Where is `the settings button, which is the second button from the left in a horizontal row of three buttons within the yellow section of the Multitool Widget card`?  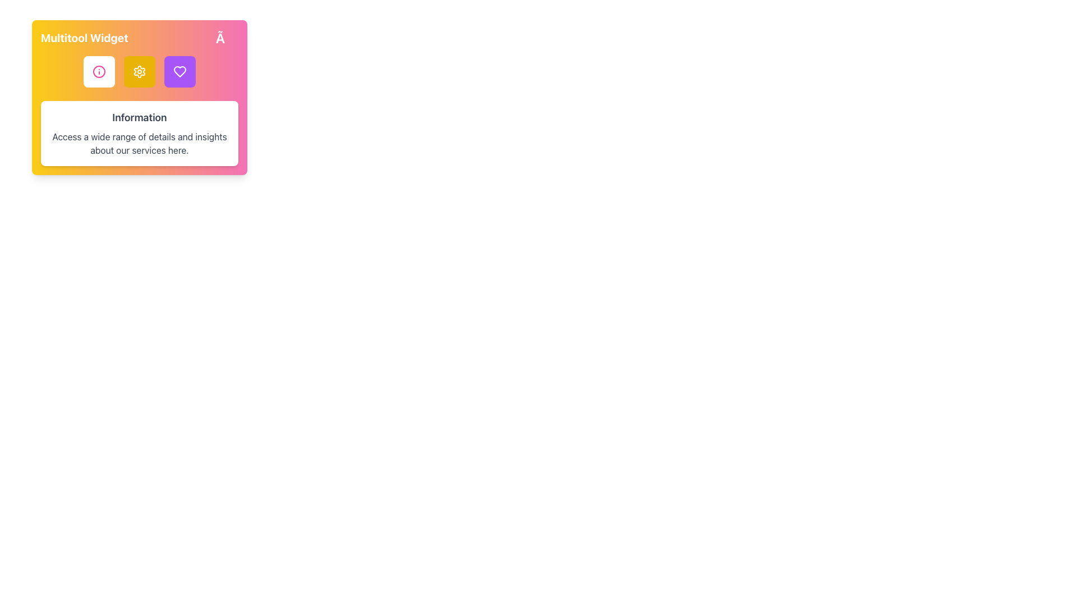
the settings button, which is the second button from the left in a horizontal row of three buttons within the yellow section of the Multitool Widget card is located at coordinates (139, 71).